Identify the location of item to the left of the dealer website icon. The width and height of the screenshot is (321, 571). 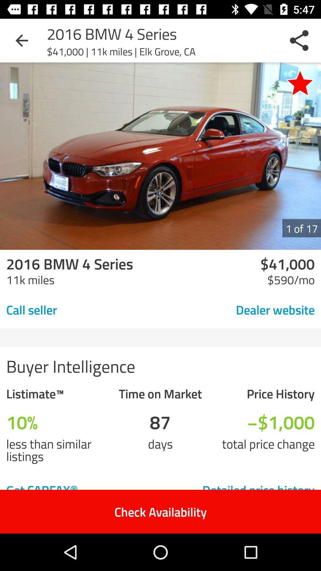
(73, 309).